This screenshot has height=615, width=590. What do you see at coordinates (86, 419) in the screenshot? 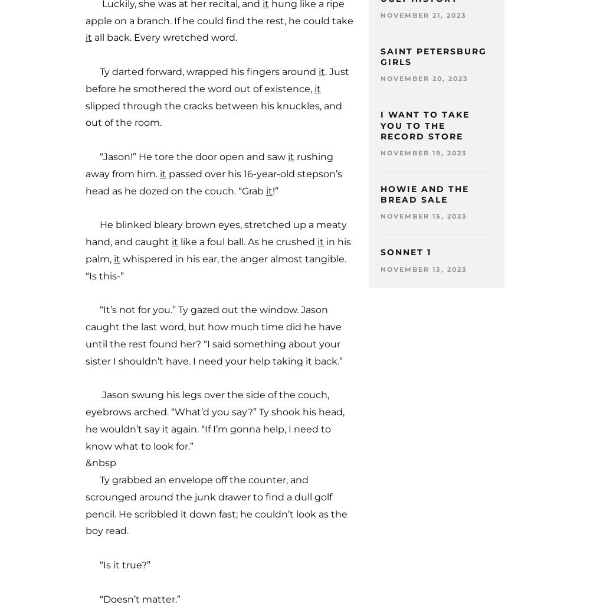
I see `'Jason swung his legs over the side of the couch, eyebrows arched. “What’d you say?” Ty shook his head, he wouldn’t say it again. “If I’m gonna help, I need to know what to look for.”'` at bounding box center [86, 419].